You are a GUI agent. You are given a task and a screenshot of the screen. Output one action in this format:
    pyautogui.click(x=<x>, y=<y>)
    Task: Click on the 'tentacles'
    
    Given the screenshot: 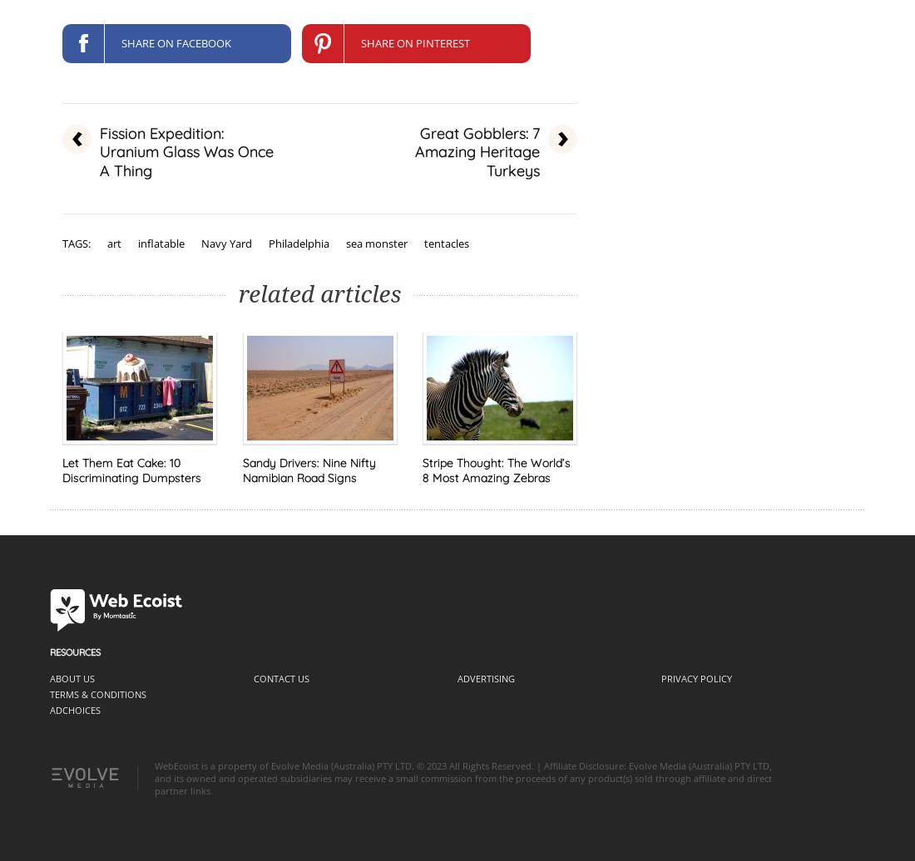 What is the action you would take?
    pyautogui.click(x=447, y=243)
    